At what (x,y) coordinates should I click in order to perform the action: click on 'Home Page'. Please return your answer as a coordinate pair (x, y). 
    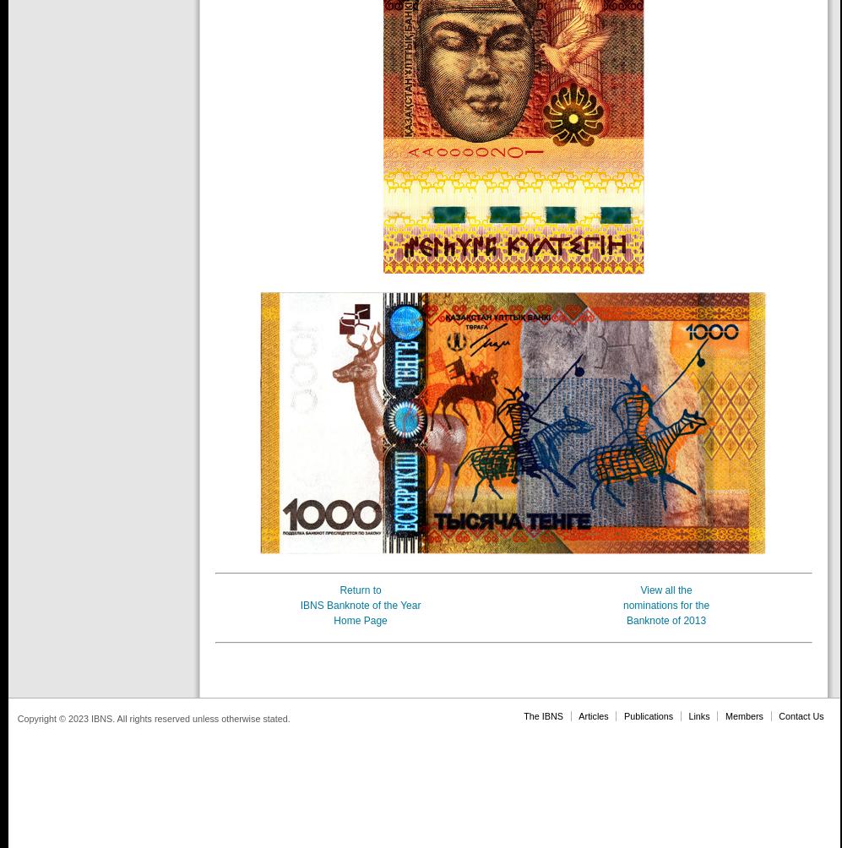
    Looking at the image, I should click on (359, 620).